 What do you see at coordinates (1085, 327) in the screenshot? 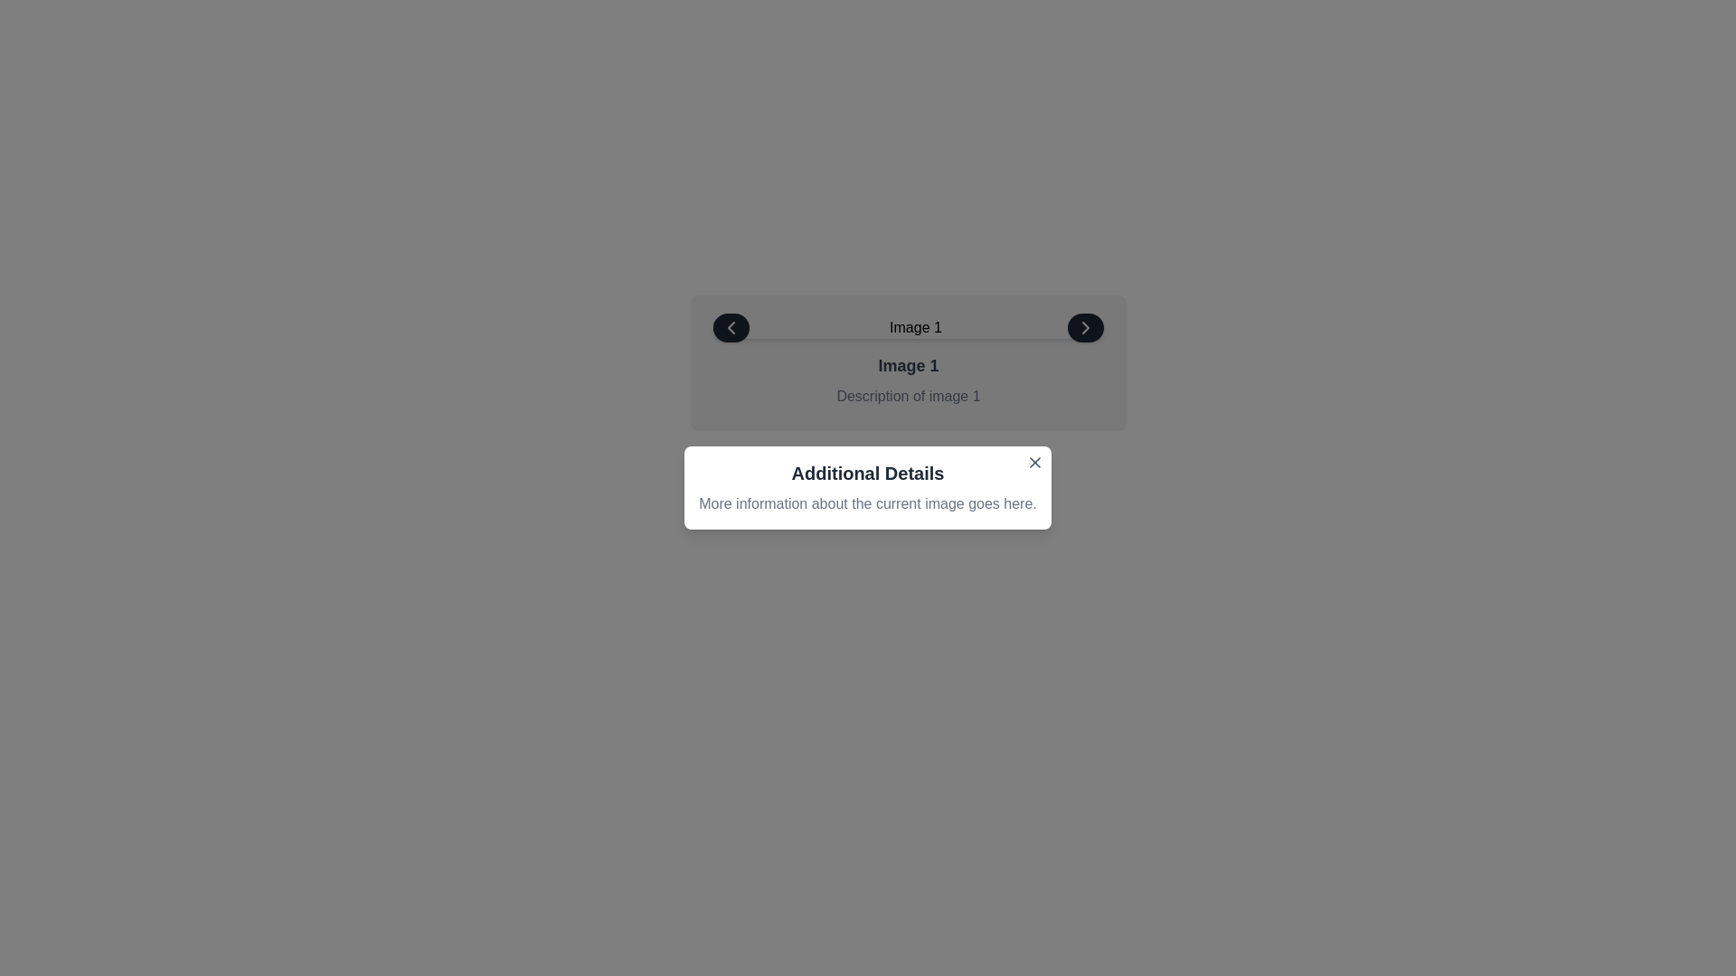
I see `the rightmost circular button with a right-facing chevron icon in its center` at bounding box center [1085, 327].